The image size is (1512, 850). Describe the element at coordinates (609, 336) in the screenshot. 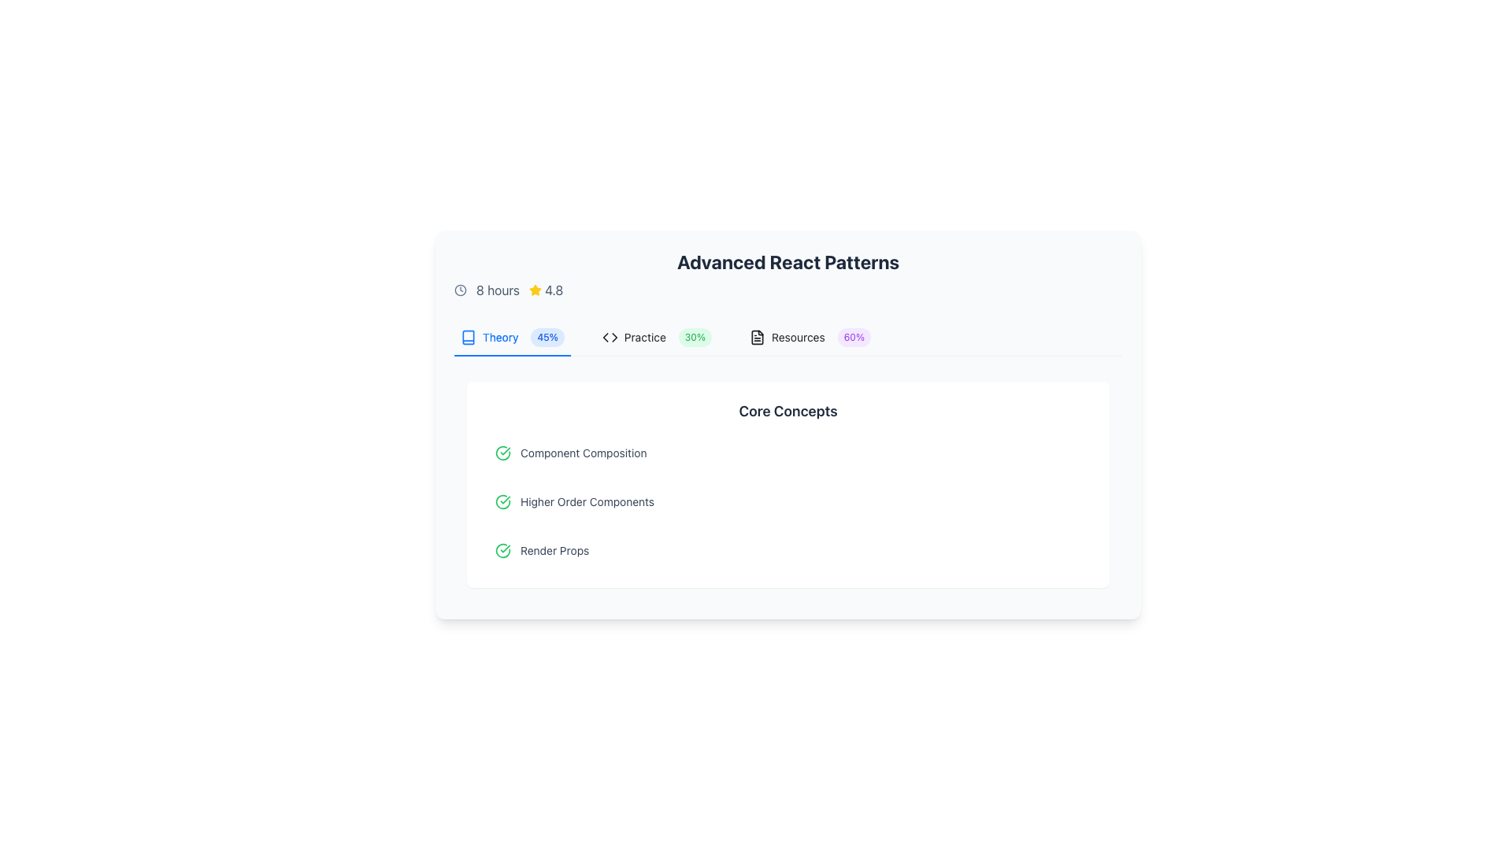

I see `the first icon in the 'Practice' section, located next to the 'Practice' text and the progress indicator (30%)` at that location.